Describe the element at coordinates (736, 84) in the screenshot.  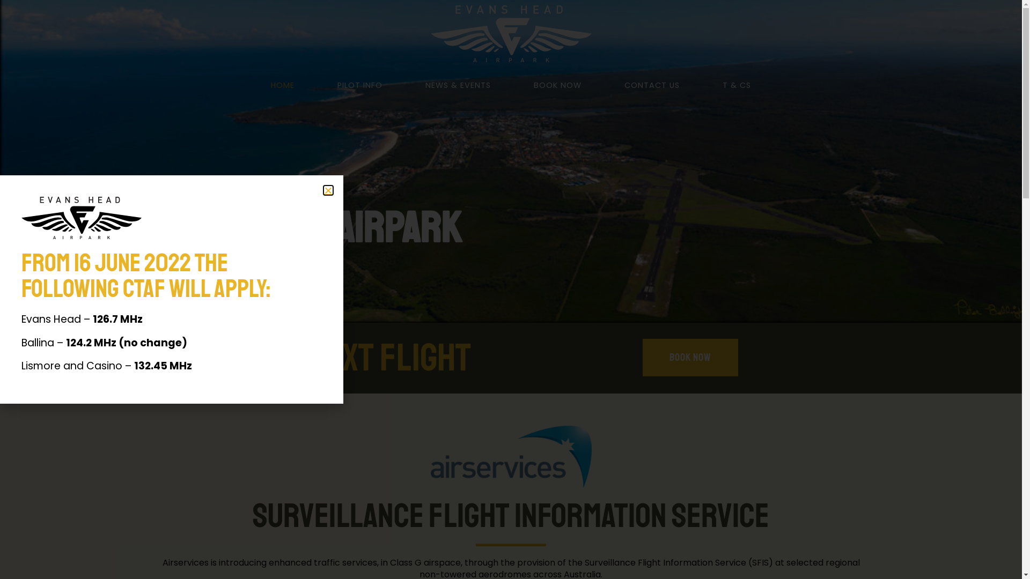
I see `'T & CS'` at that location.